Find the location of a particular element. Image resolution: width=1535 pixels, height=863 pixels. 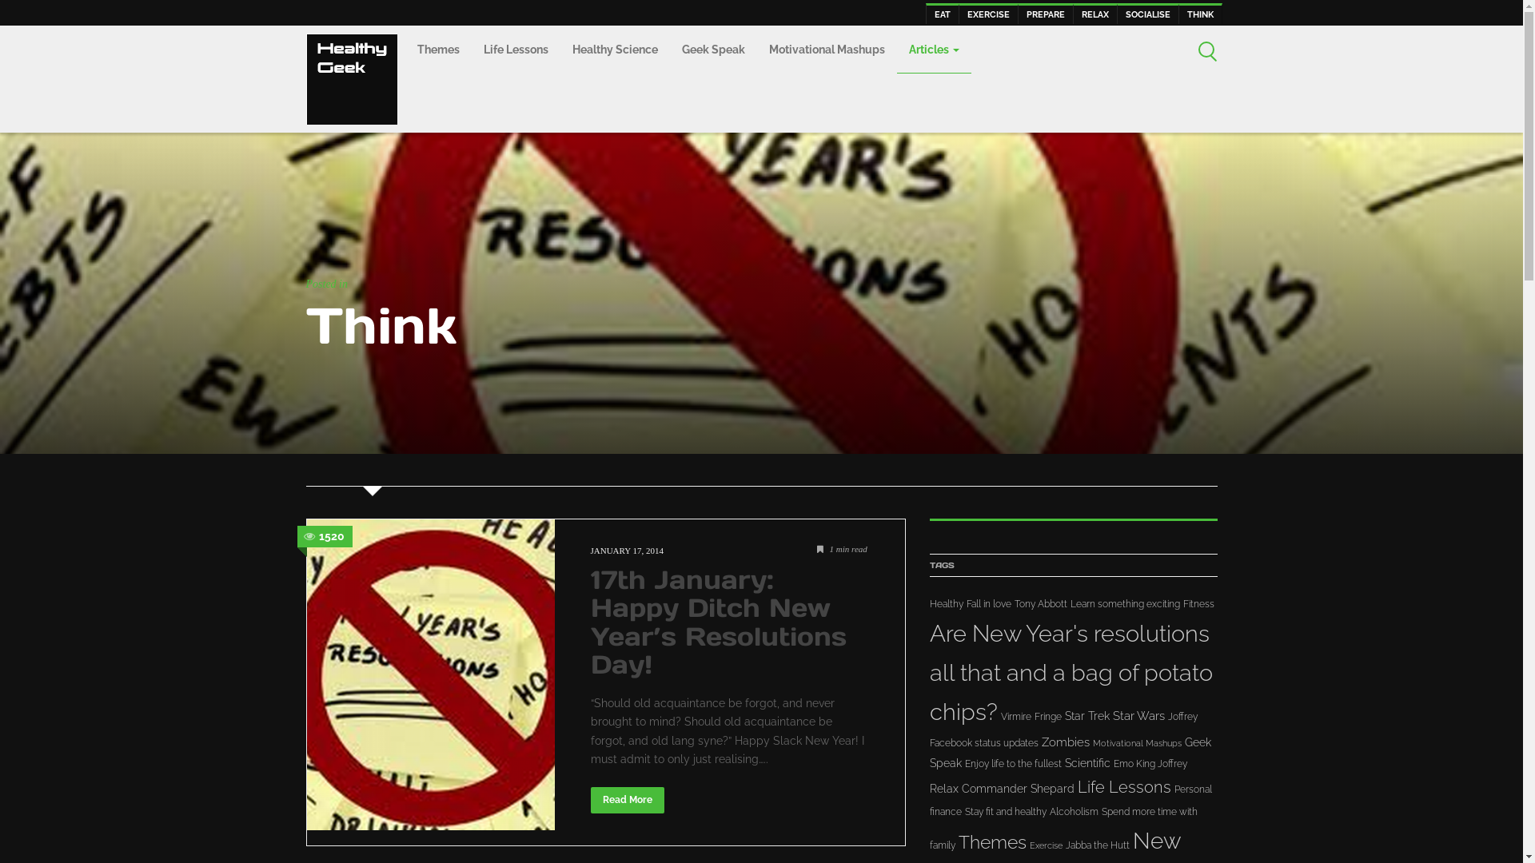

'Tony Abbott' is located at coordinates (1039, 604).